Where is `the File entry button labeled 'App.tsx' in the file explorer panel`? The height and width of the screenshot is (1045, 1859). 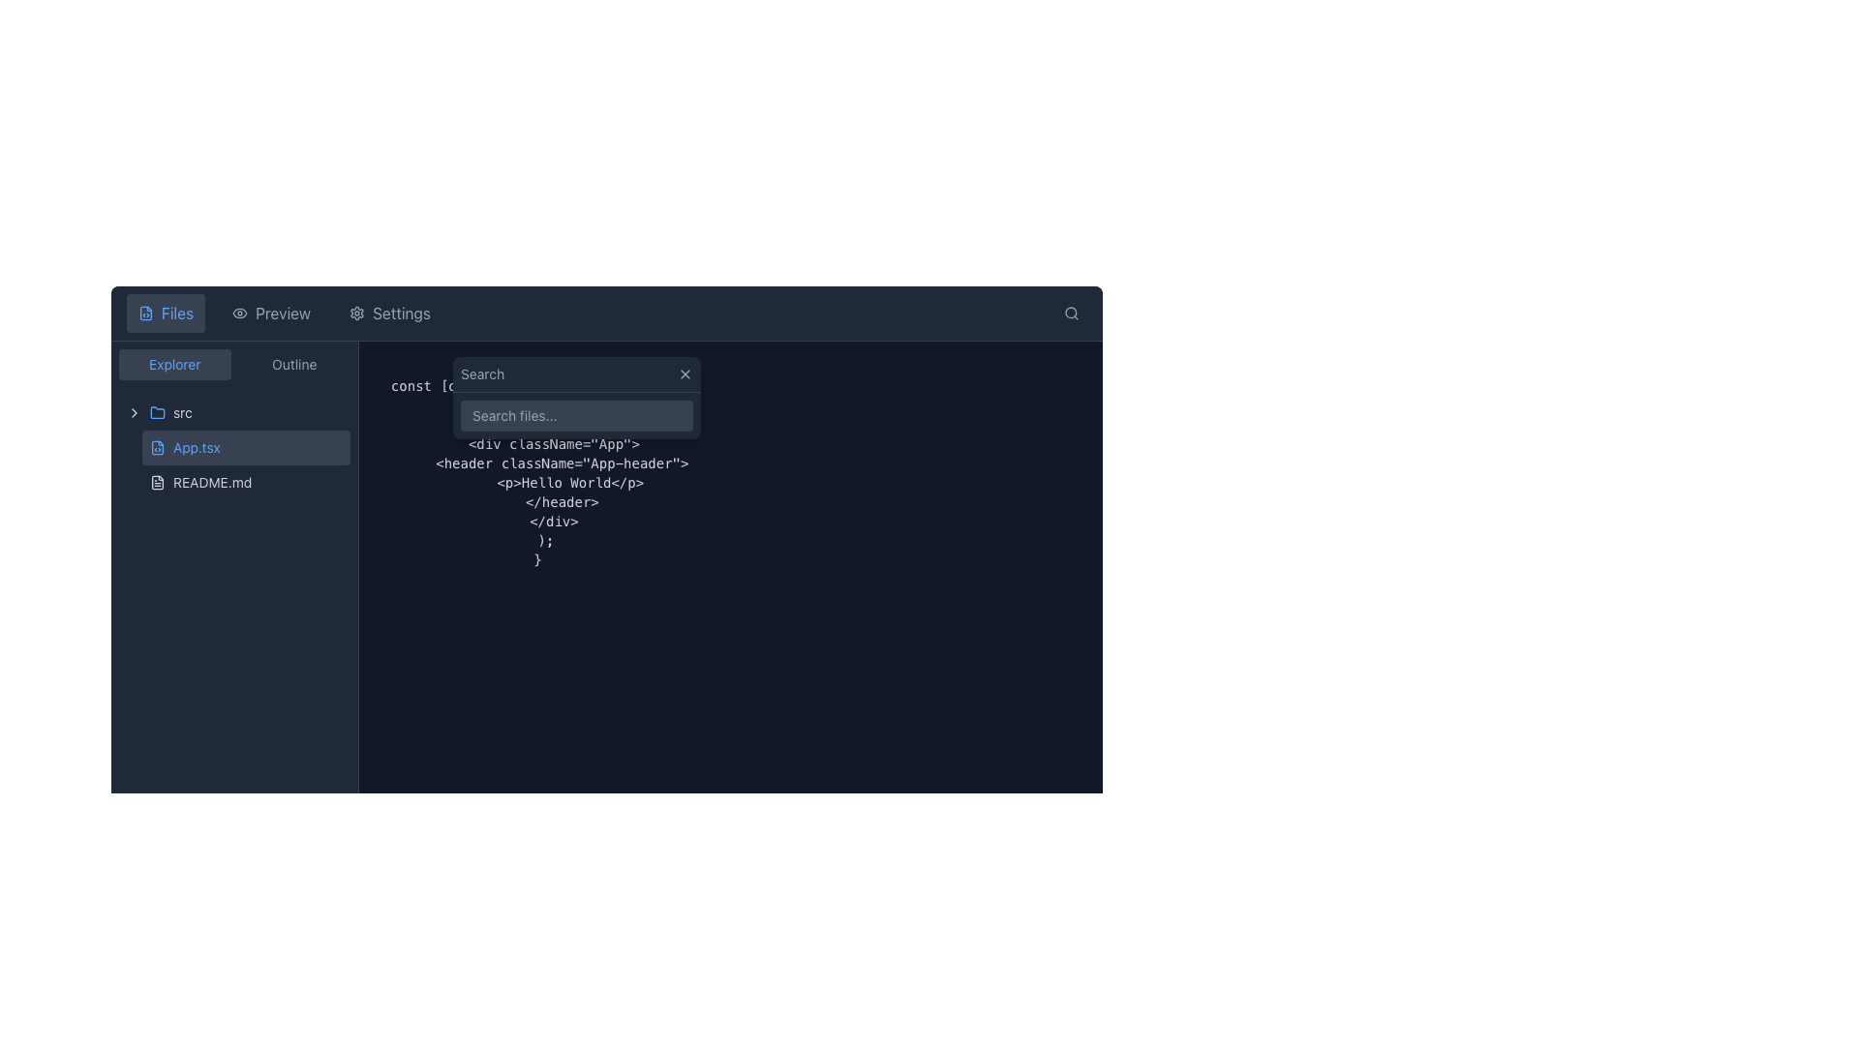
the File entry button labeled 'App.tsx' in the file explorer panel is located at coordinates (245, 447).